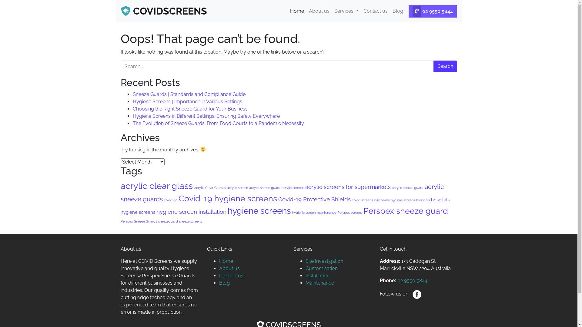 The width and height of the screenshot is (582, 327). Describe the element at coordinates (157, 185) in the screenshot. I see `'acrylic clear glass'` at that location.